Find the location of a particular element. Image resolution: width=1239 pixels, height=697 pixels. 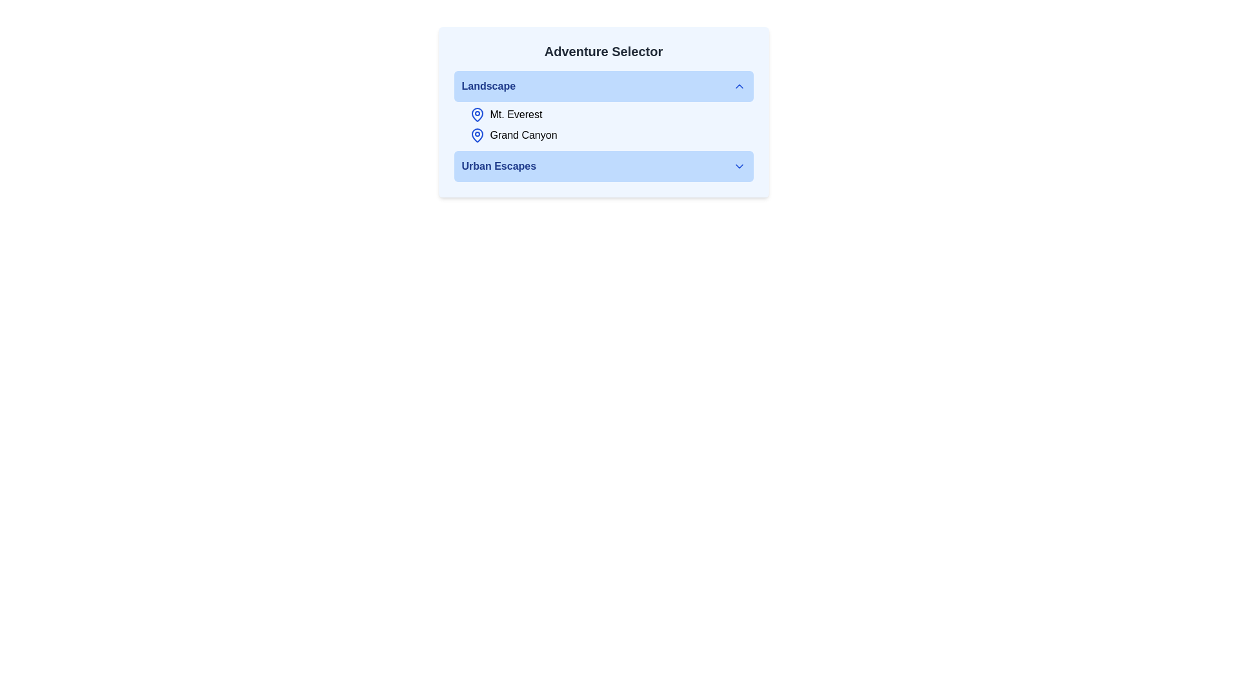

the first clickable list item for 'Mt. Everest' within the 'Landscape' category is located at coordinates (610, 114).